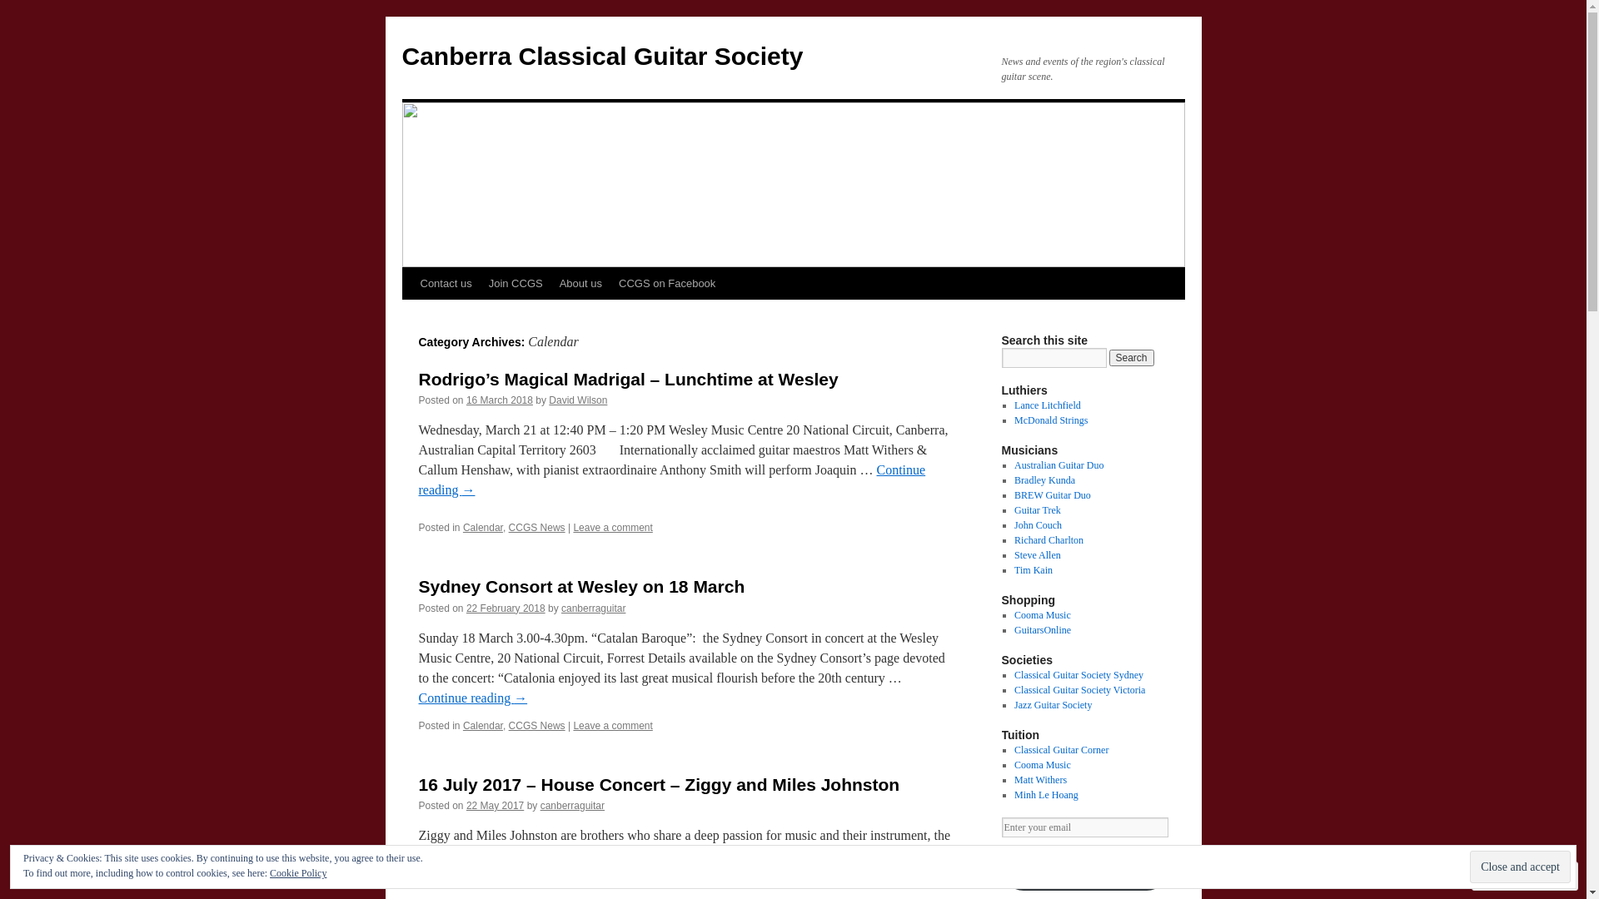 The width and height of the screenshot is (1599, 899). What do you see at coordinates (1042, 629) in the screenshot?
I see `'GuitarsOnline'` at bounding box center [1042, 629].